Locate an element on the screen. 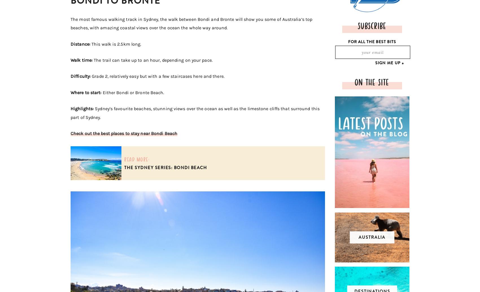 The height and width of the screenshot is (292, 480). 'The most famous walking track in Sydney, the walk between Bondi and Bronte will show you some of Australia’s top beaches, with amazing coastal views over the ocean the whole way around.' is located at coordinates (191, 23).